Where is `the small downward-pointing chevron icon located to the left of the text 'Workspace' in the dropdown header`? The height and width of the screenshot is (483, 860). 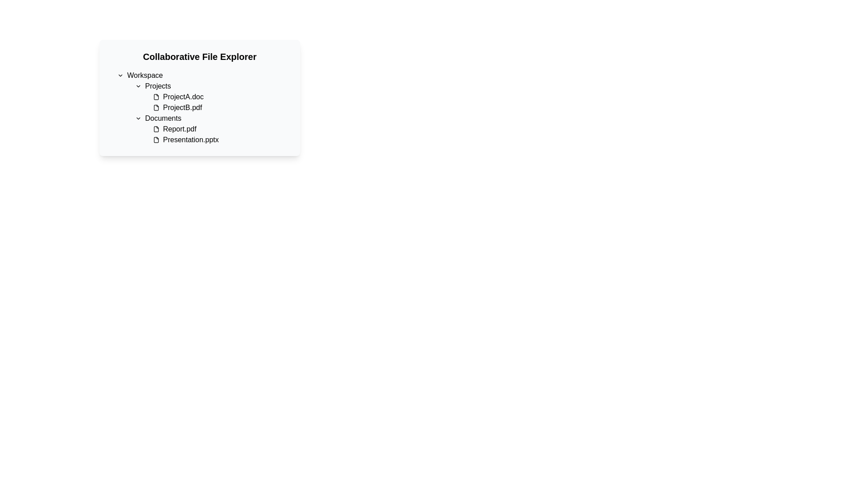 the small downward-pointing chevron icon located to the left of the text 'Workspace' in the dropdown header is located at coordinates (120, 75).